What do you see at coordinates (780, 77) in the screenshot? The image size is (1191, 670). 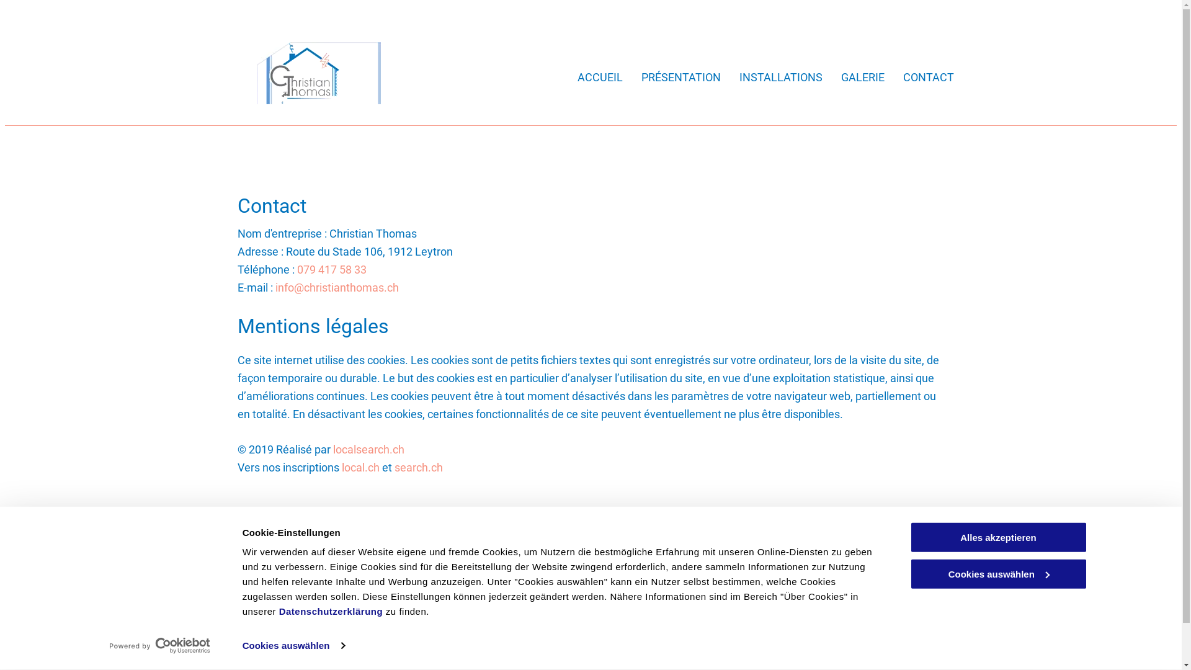 I see `'INSTALLATIONS'` at bounding box center [780, 77].